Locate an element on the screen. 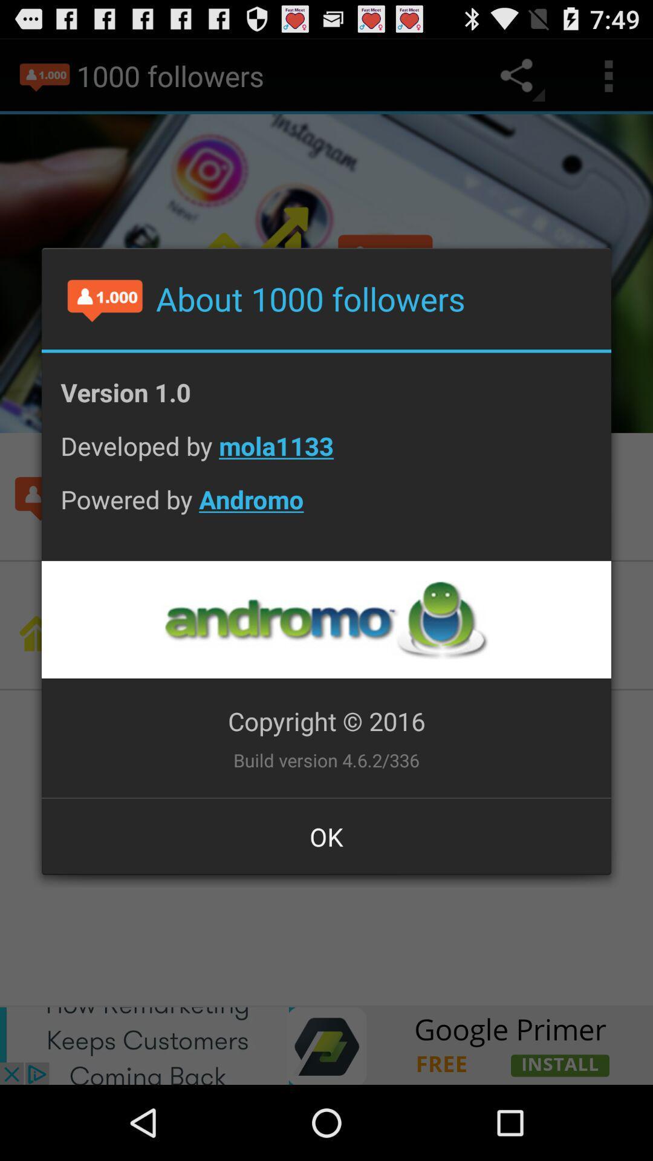 The height and width of the screenshot is (1161, 653). the button at the bottom is located at coordinates (326, 836).